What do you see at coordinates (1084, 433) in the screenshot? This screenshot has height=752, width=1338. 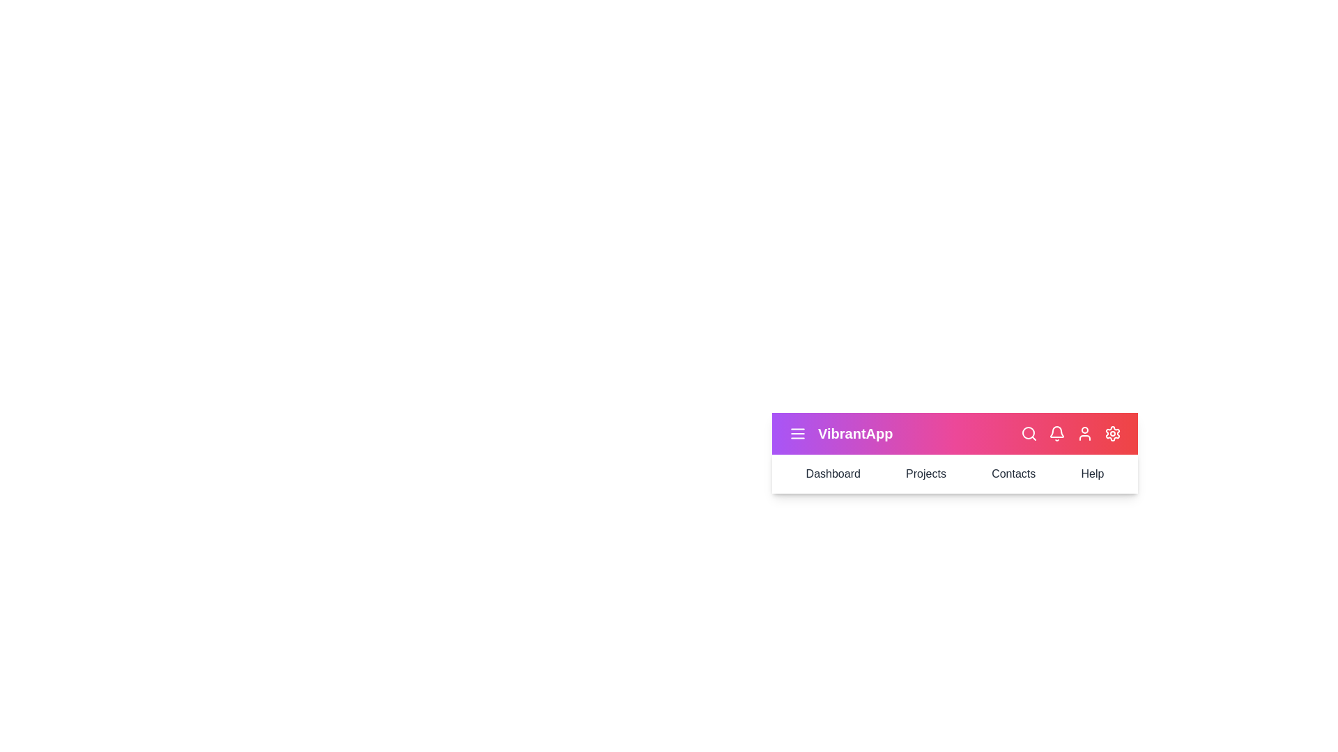 I see `the user_icon to reveal its effect` at bounding box center [1084, 433].